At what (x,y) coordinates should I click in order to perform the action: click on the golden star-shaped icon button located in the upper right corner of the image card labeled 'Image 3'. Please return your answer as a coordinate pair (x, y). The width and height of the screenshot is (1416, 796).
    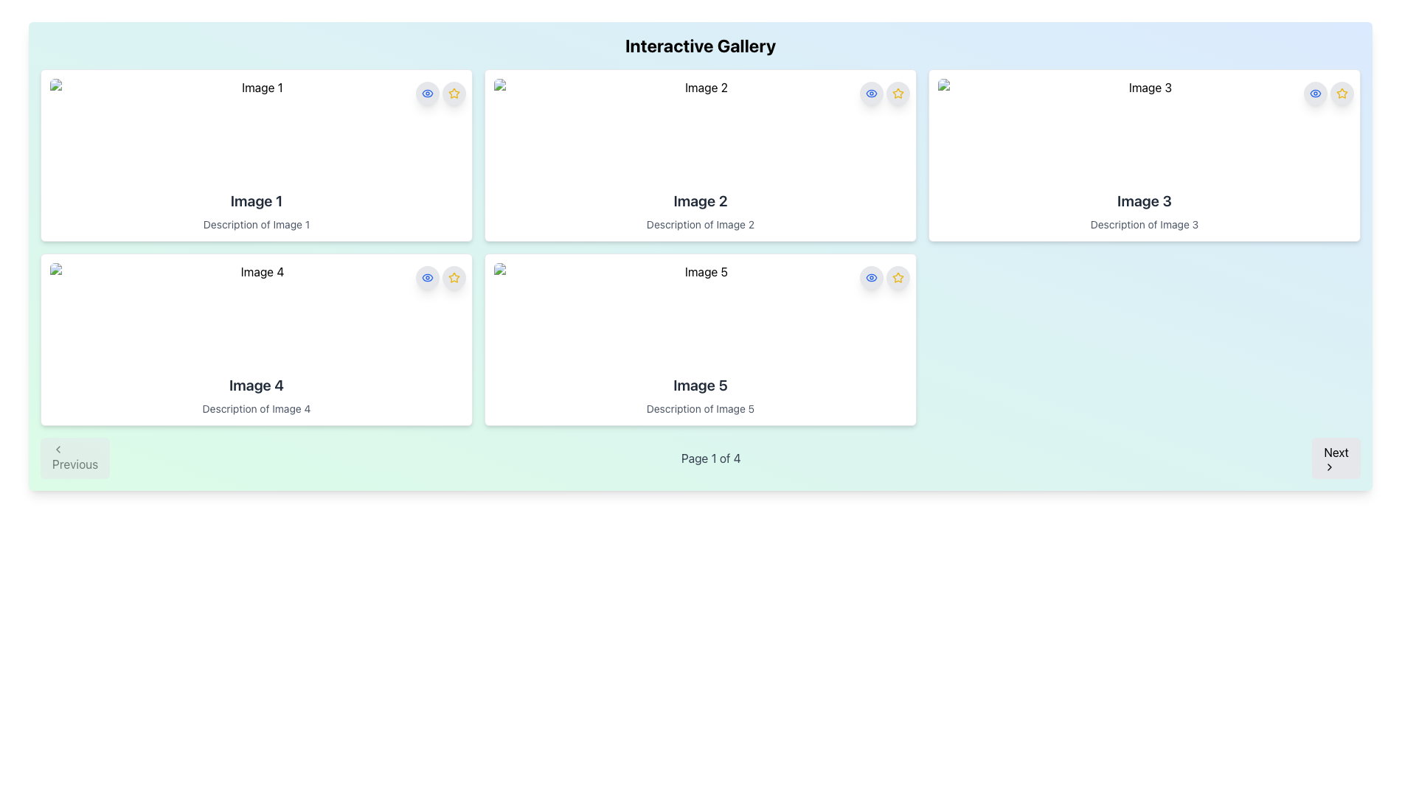
    Looking at the image, I should click on (1342, 93).